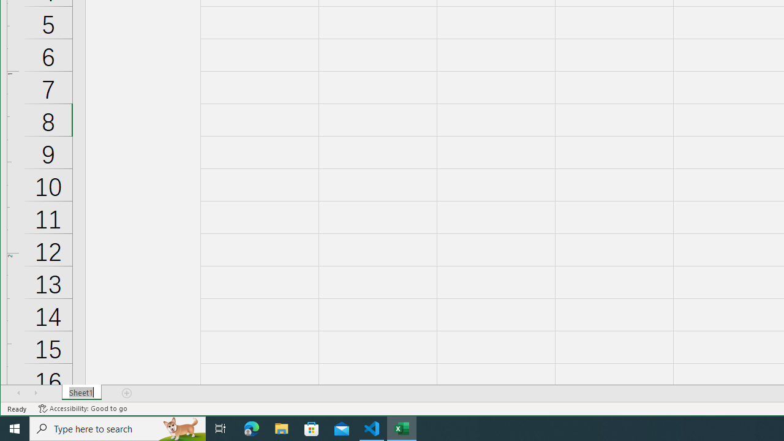 The width and height of the screenshot is (784, 441). Describe the element at coordinates (15, 428) in the screenshot. I see `'Start'` at that location.